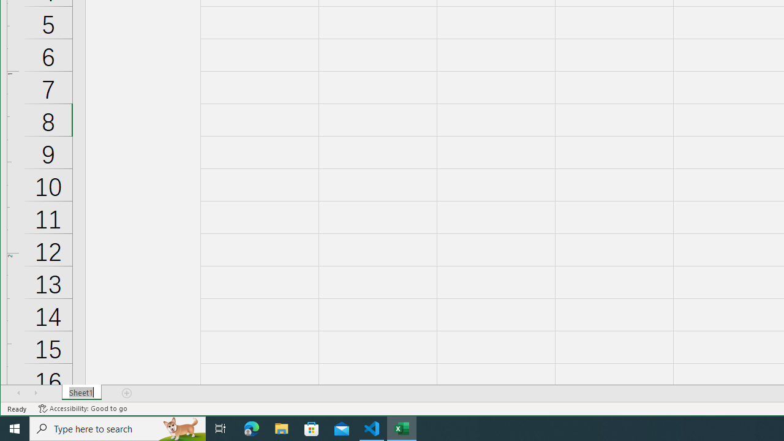 The width and height of the screenshot is (784, 441). Describe the element at coordinates (15, 428) in the screenshot. I see `'Start'` at that location.